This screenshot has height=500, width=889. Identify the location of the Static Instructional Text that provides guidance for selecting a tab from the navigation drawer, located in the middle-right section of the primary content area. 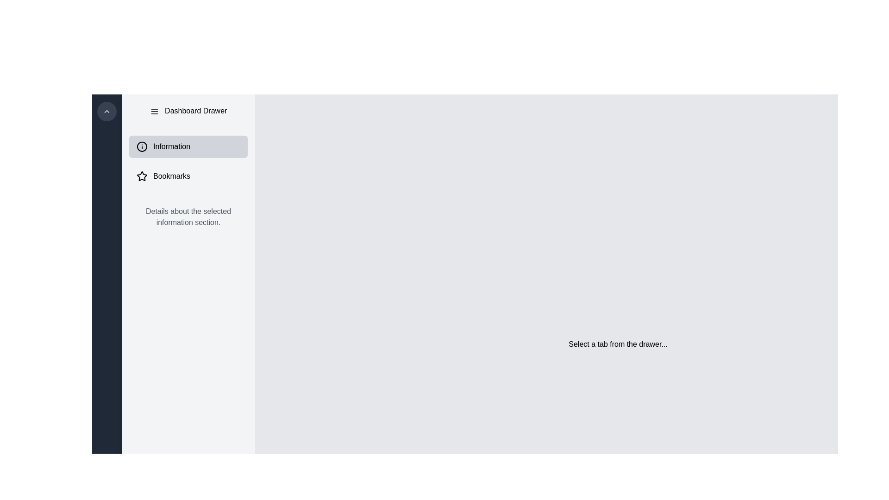
(618, 344).